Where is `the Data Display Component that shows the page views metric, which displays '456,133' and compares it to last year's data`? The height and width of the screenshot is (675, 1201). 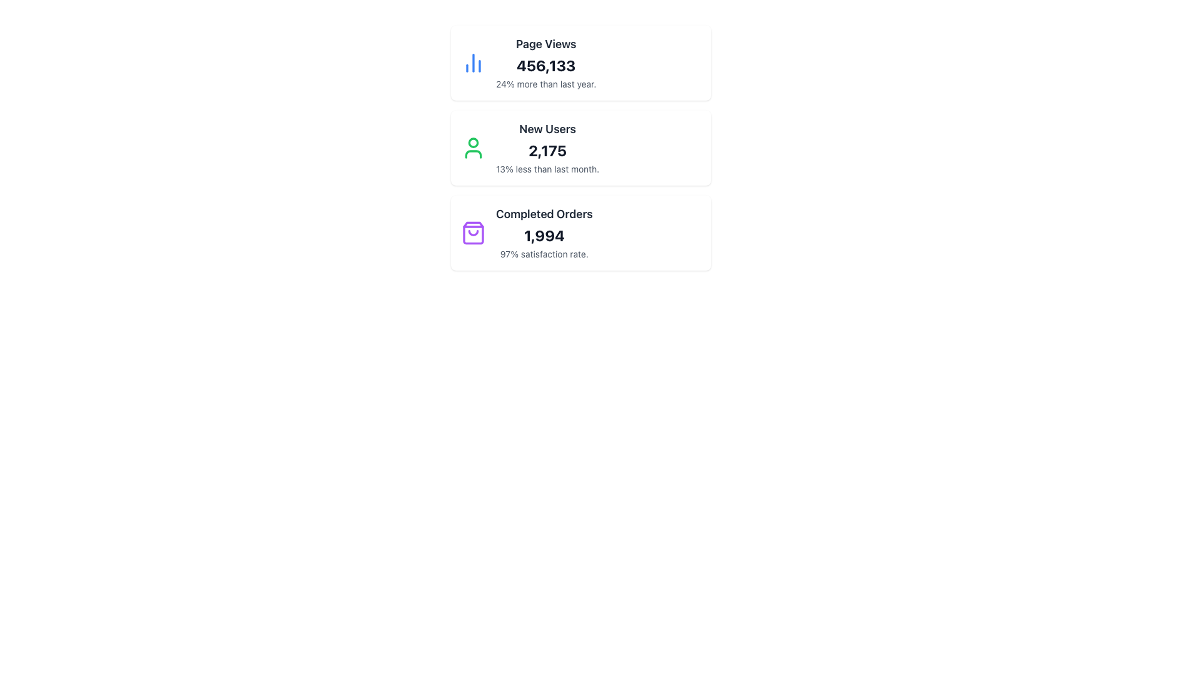 the Data Display Component that shows the page views metric, which displays '456,133' and compares it to last year's data is located at coordinates (546, 62).